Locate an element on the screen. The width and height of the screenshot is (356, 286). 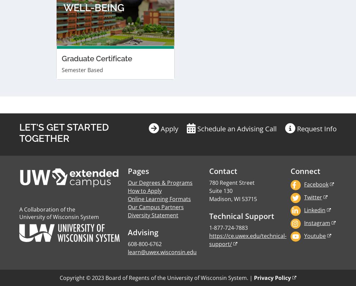
'youtube' is located at coordinates (314, 65).